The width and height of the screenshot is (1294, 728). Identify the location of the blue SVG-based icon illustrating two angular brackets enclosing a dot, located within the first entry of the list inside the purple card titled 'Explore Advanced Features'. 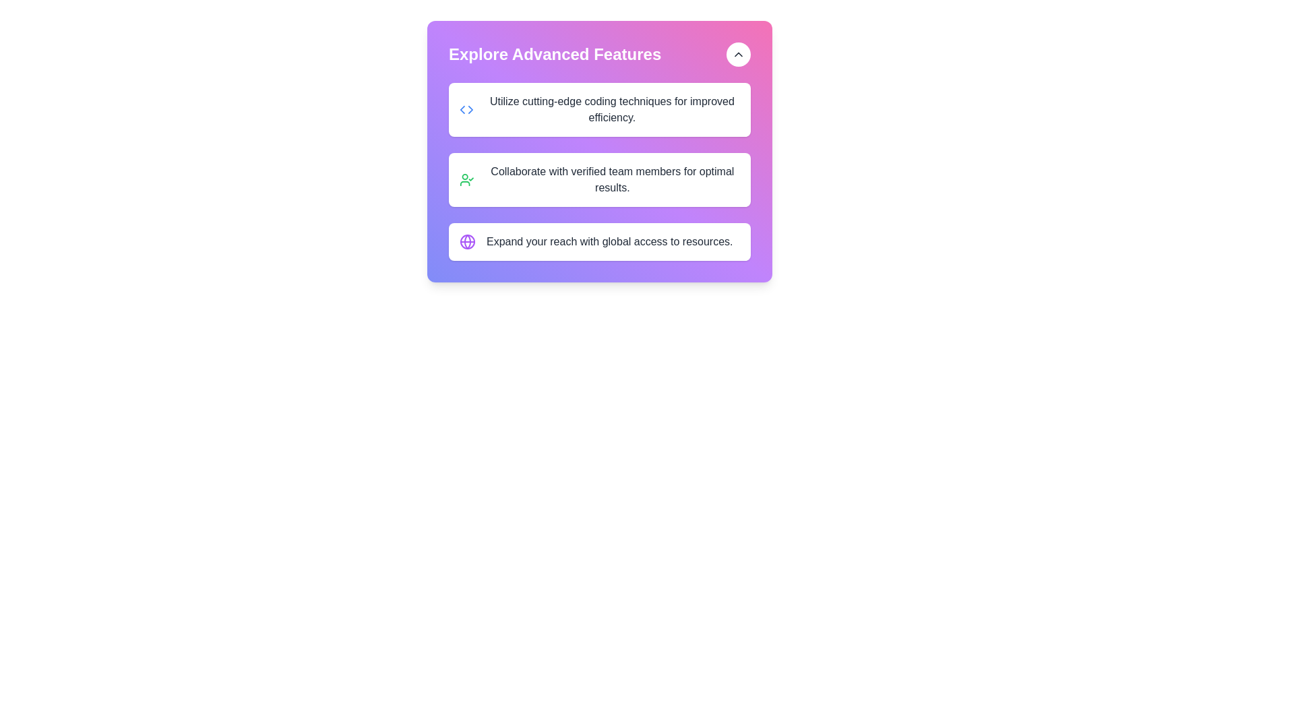
(466, 109).